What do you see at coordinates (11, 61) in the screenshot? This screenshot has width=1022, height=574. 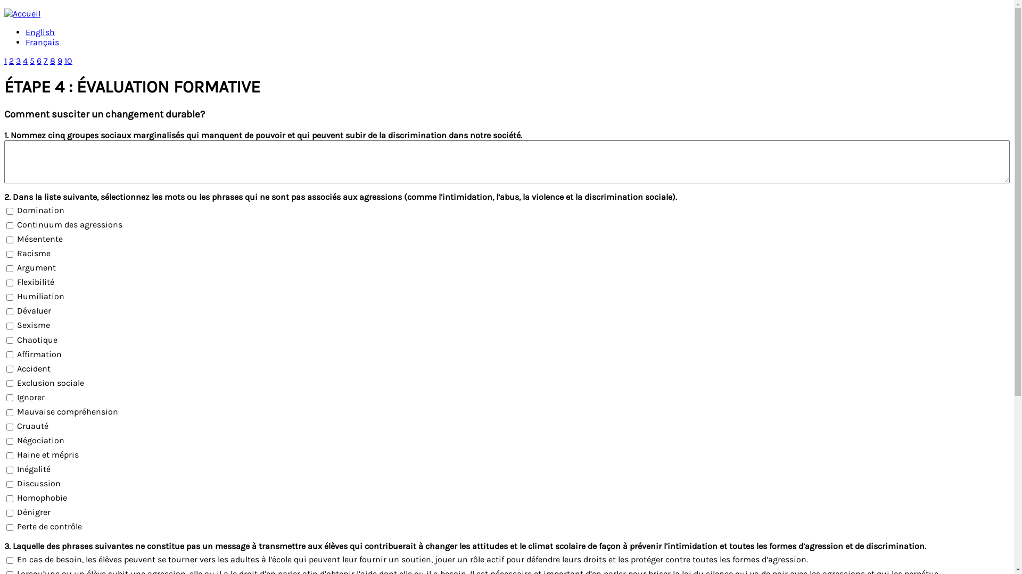 I see `'2'` at bounding box center [11, 61].